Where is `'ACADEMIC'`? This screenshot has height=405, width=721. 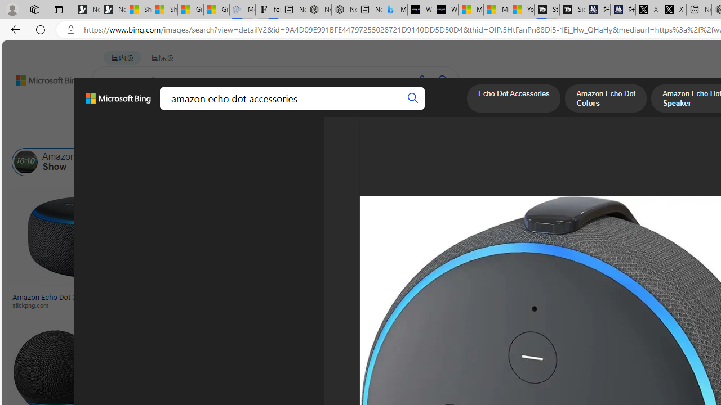
'ACADEMIC' is located at coordinates (309, 110).